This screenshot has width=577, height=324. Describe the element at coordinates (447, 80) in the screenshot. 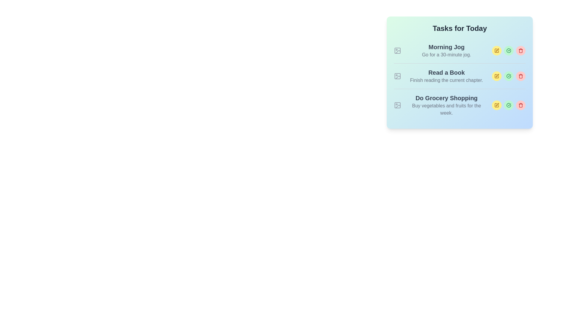

I see `the descriptive text element located beneath the title 'Read a Book' in the 'Tasks for Today' section` at that location.